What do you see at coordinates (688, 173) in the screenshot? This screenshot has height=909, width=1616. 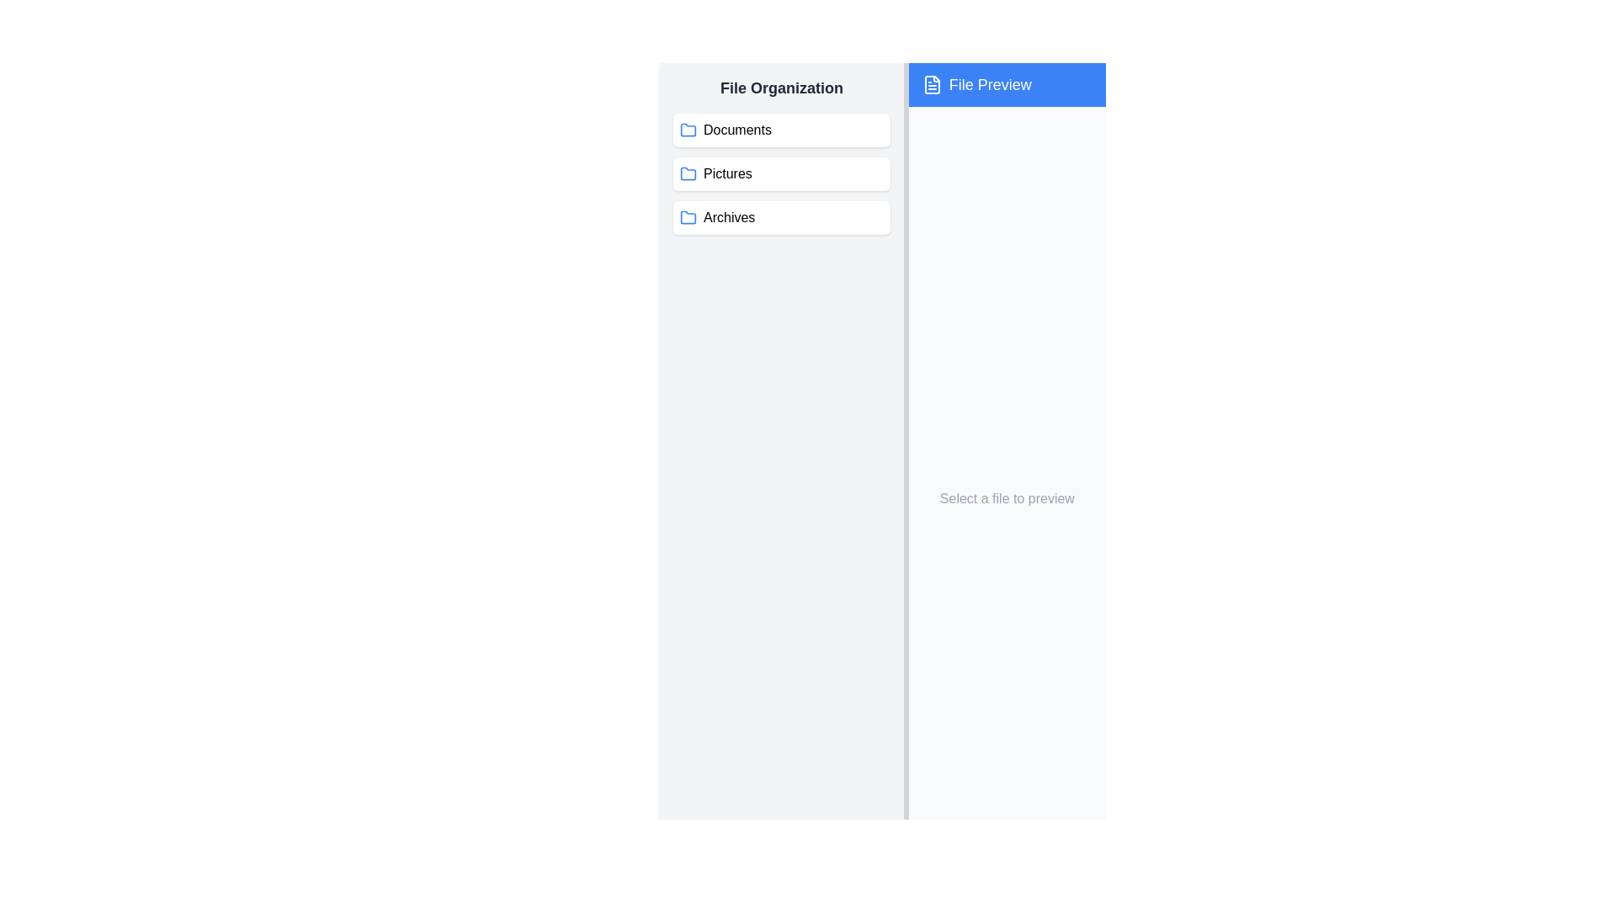 I see `the 'Pictures' folder icon in the 'File Organization' sidebar to possibly reveal additional information` at bounding box center [688, 173].